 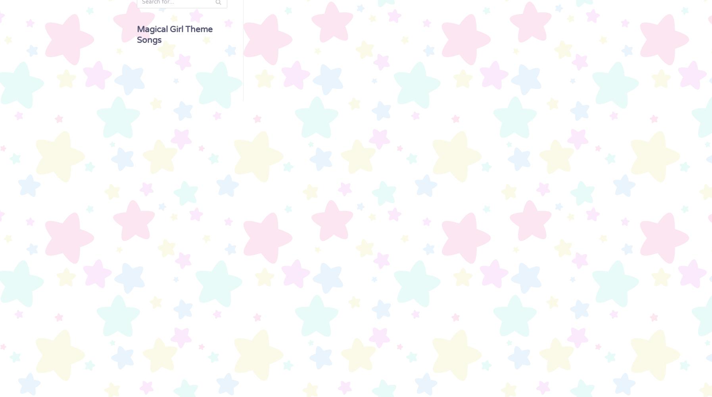 I want to click on 'Majokko Tickle', so click(x=12, y=363).